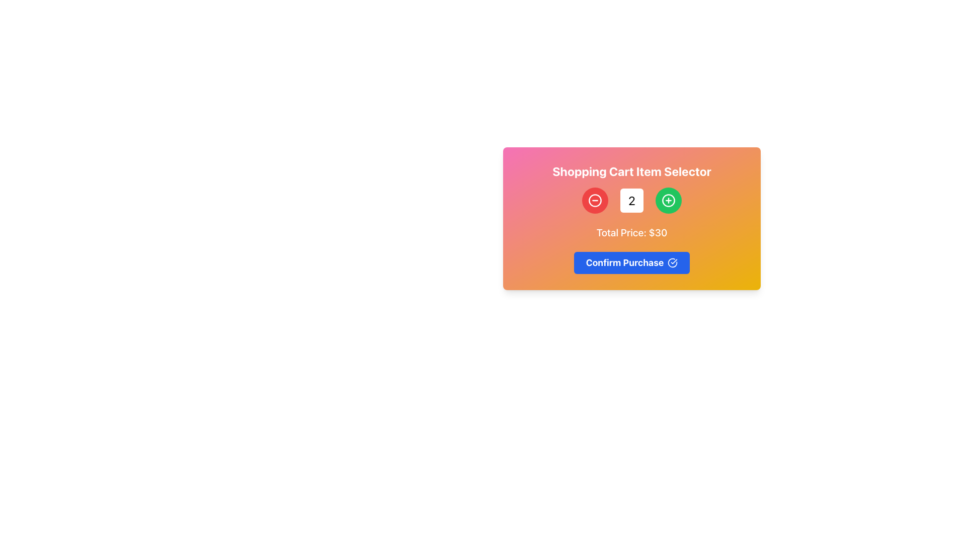 This screenshot has height=543, width=966. Describe the element at coordinates (631, 170) in the screenshot. I see `the static text label at the top of the shopping cart item selection interface, which serves as the title for this section` at that location.